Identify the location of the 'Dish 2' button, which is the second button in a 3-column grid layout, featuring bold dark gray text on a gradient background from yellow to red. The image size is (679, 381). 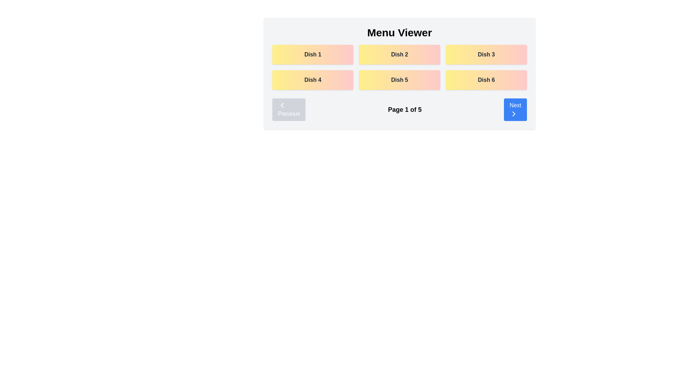
(399, 54).